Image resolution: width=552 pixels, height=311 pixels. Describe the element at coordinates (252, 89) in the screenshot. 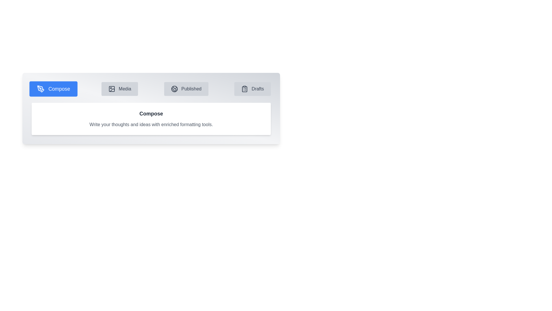

I see `the tab labeled Drafts` at that location.